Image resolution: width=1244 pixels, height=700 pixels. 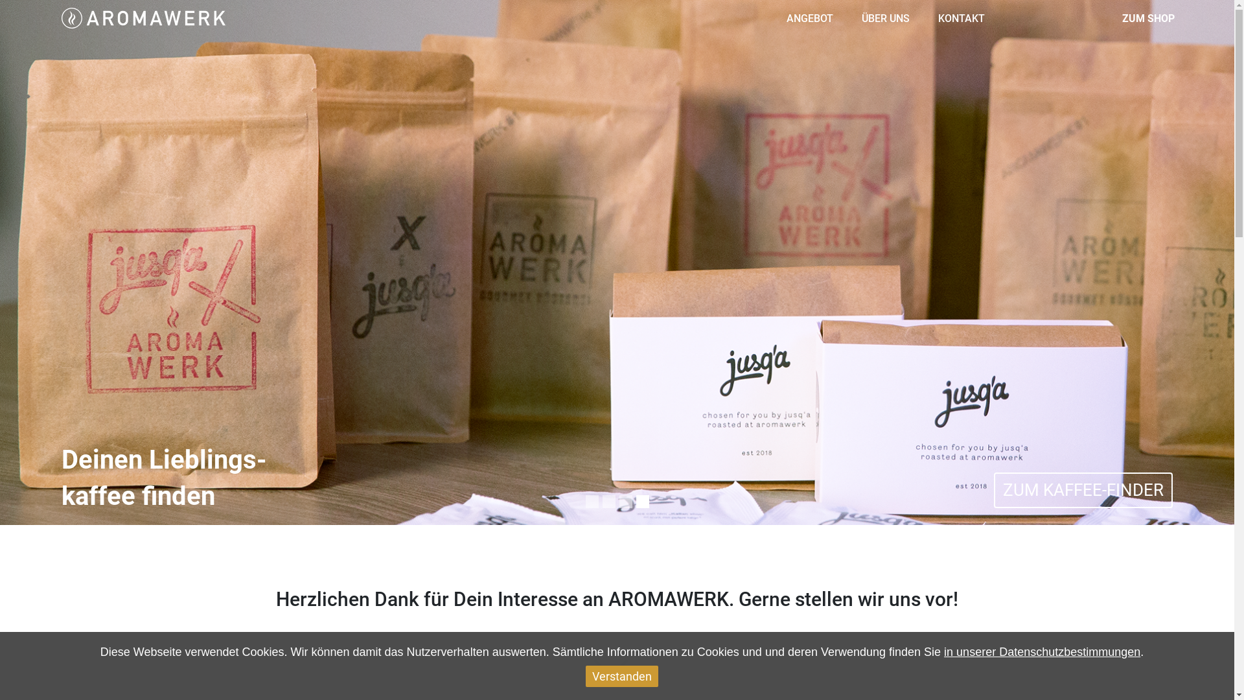 I want to click on 'Verstanden', so click(x=622, y=675).